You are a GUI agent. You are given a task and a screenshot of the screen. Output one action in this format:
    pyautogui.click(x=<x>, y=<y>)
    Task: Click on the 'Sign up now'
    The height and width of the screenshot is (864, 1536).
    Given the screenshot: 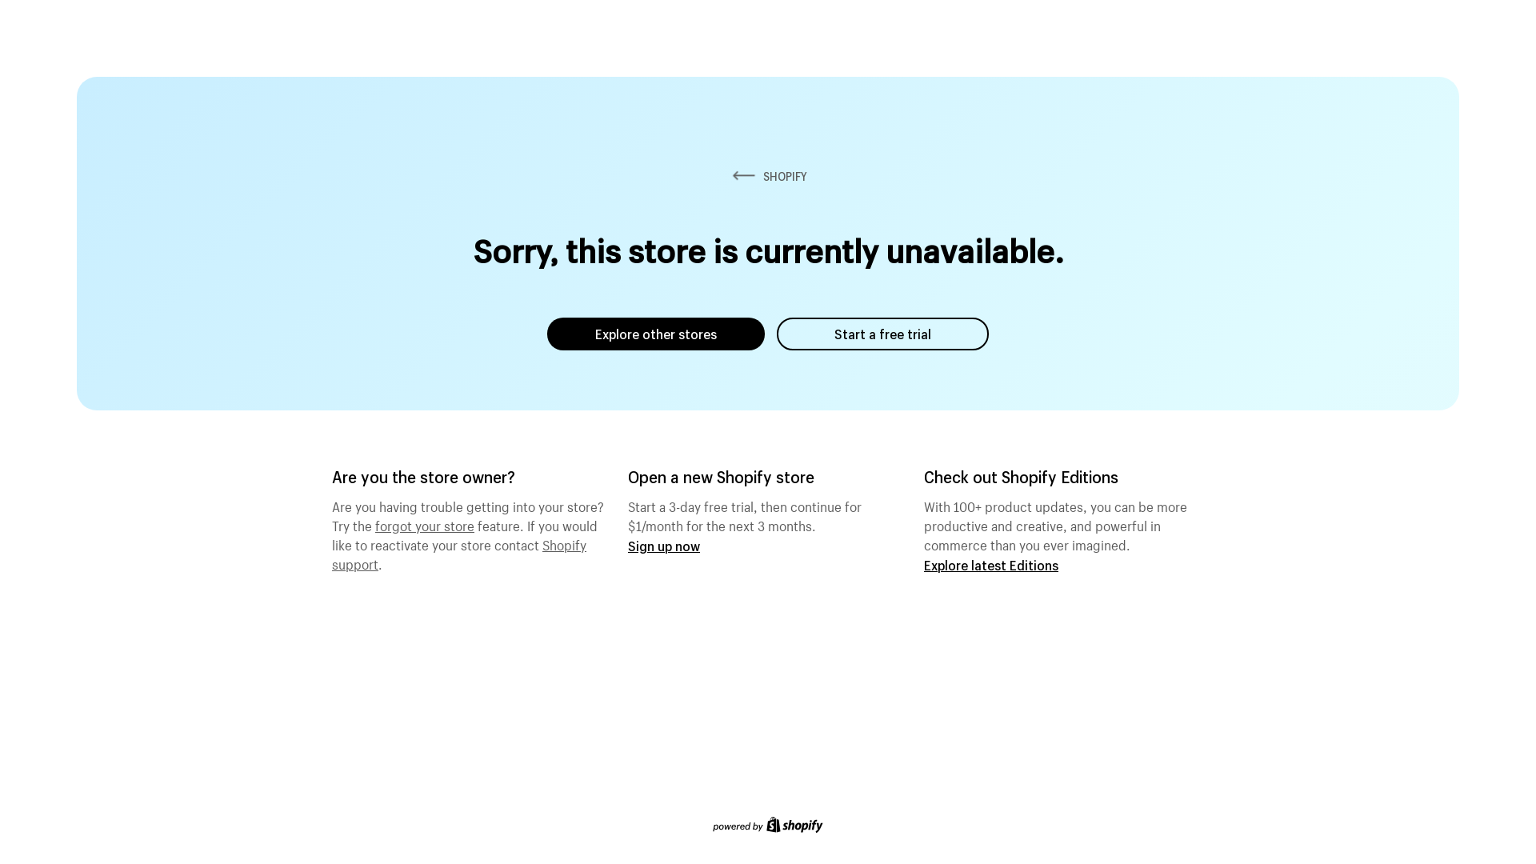 What is the action you would take?
    pyautogui.click(x=664, y=545)
    